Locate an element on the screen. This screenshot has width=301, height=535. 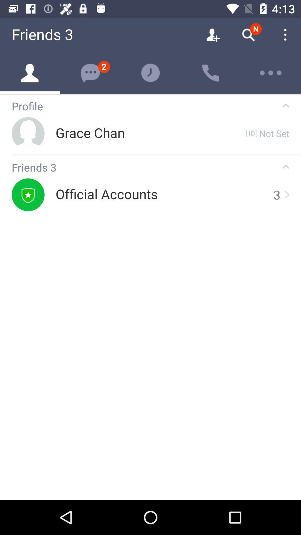
the help icon is located at coordinates (151, 73).